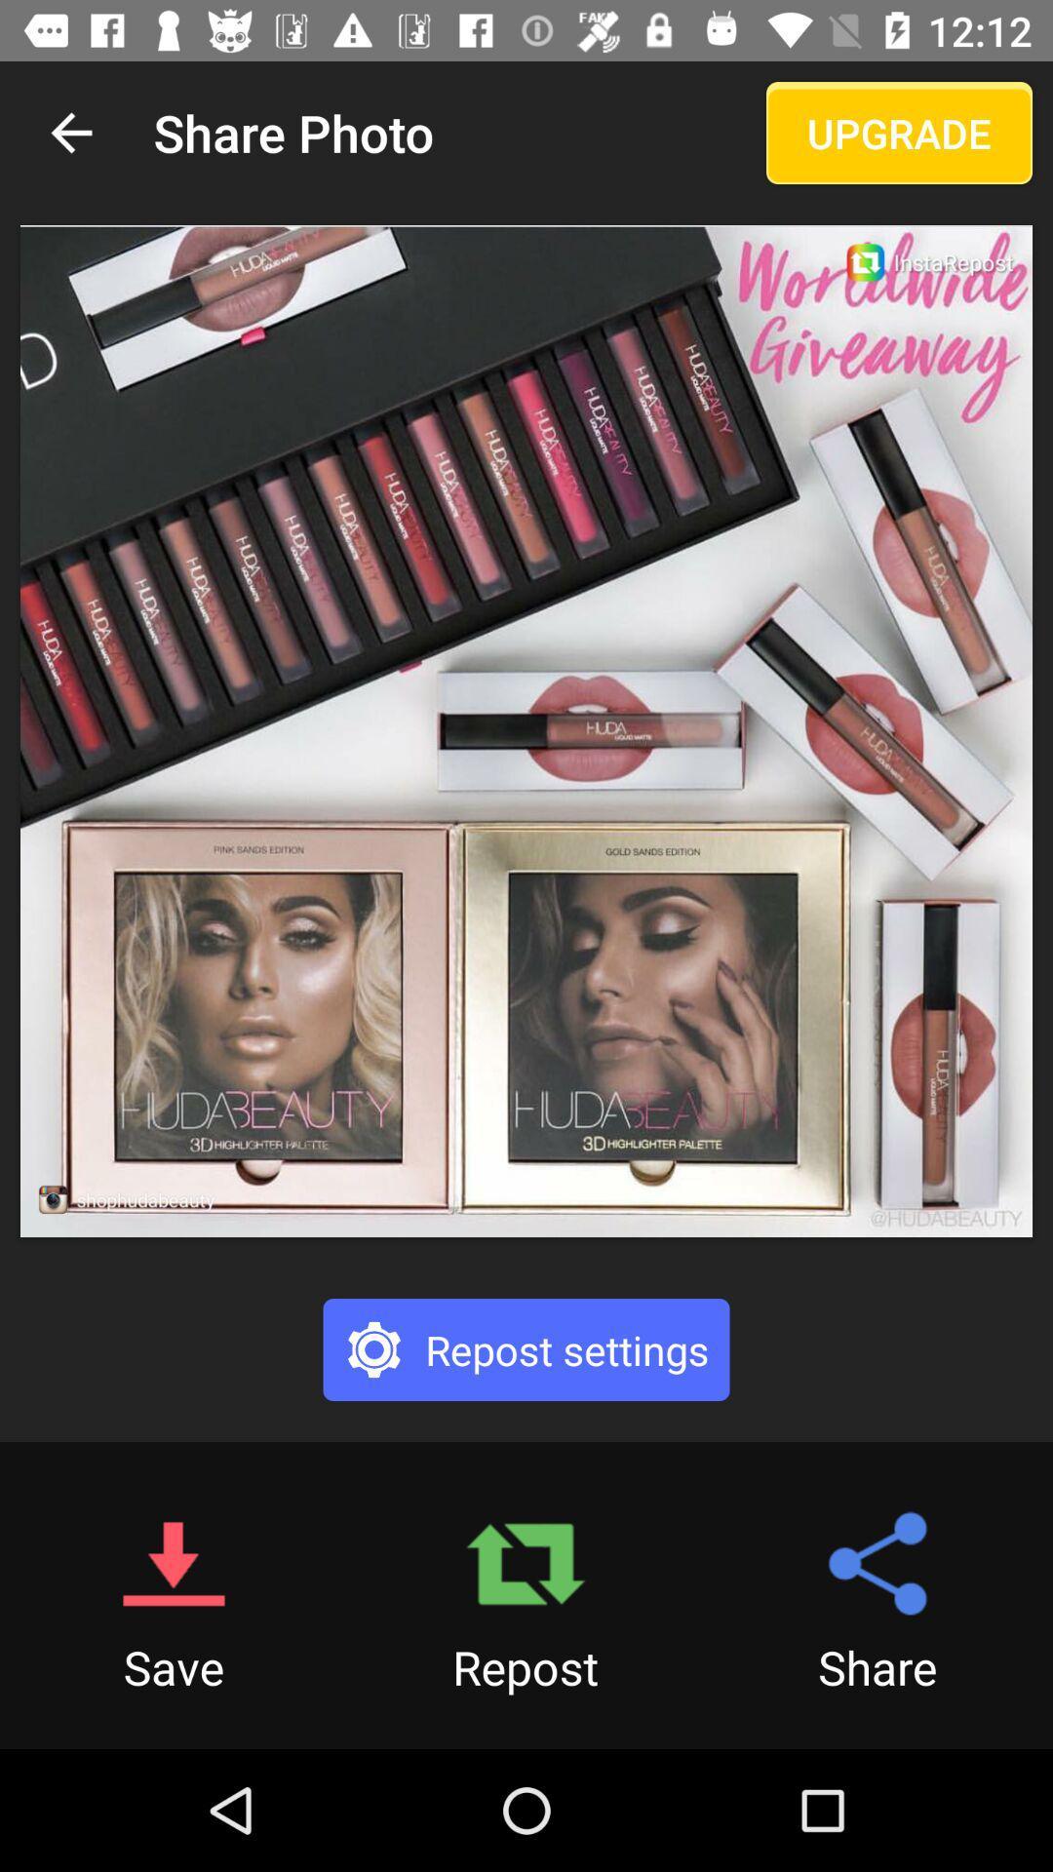  Describe the element at coordinates (70, 132) in the screenshot. I see `previous screen` at that location.